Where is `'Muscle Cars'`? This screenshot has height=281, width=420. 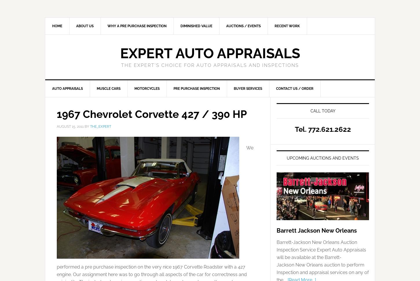 'Muscle Cars' is located at coordinates (108, 89).